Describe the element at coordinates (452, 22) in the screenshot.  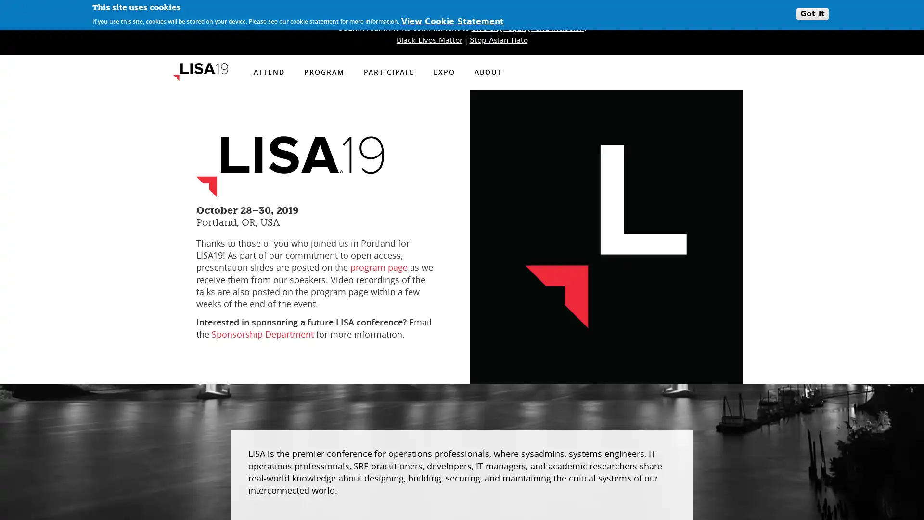
I see `View Cookie Statement` at that location.